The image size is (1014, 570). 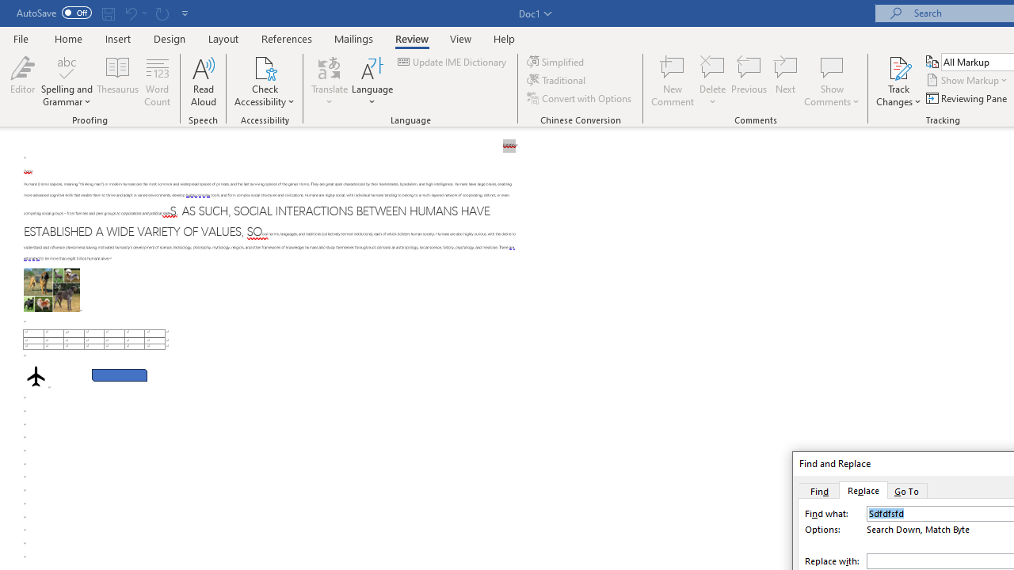 I want to click on 'Spelling and Grammar', so click(x=67, y=66).